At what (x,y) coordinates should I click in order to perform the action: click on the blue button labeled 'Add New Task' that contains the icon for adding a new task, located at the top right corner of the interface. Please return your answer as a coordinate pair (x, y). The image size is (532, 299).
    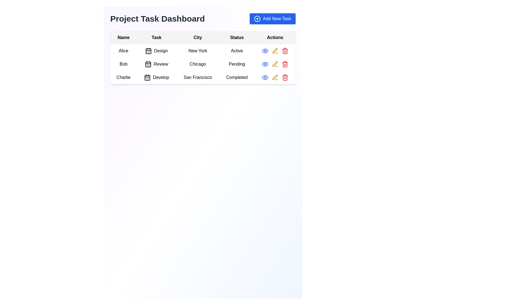
    Looking at the image, I should click on (257, 19).